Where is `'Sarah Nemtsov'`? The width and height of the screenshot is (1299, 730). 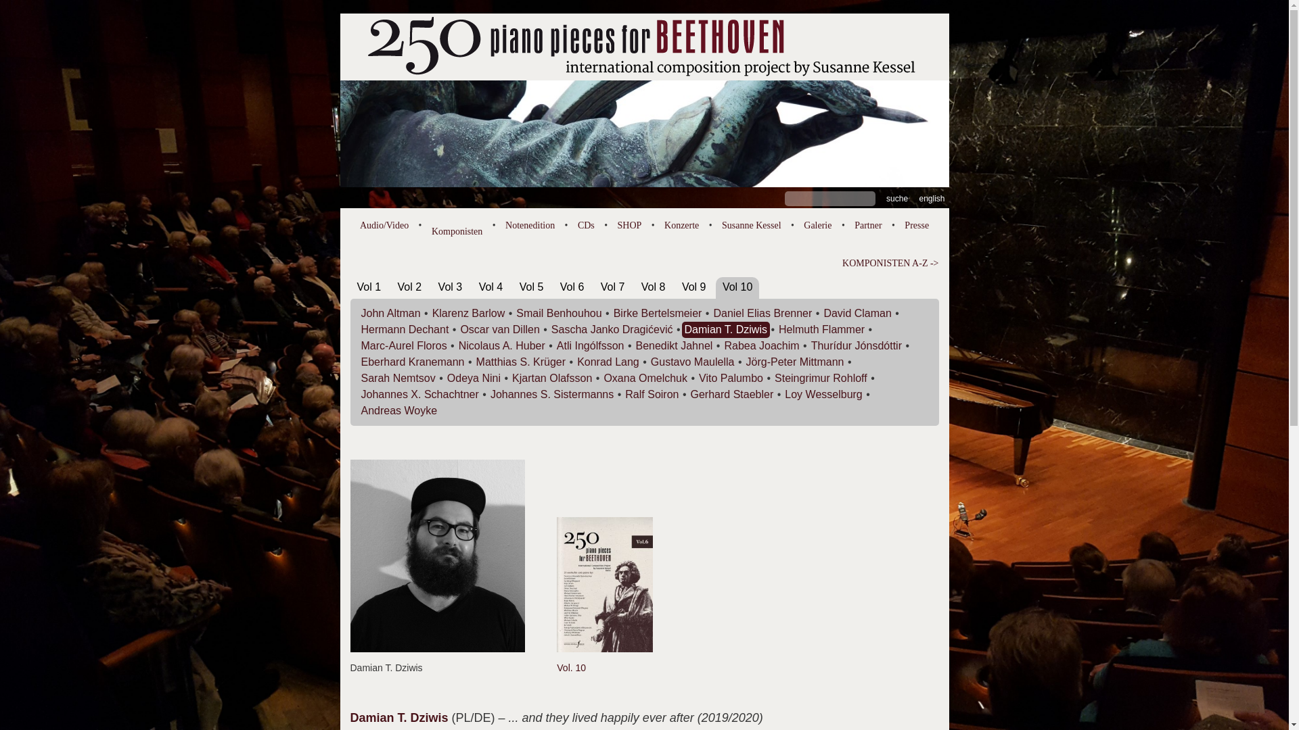
'Sarah Nemtsov' is located at coordinates (398, 378).